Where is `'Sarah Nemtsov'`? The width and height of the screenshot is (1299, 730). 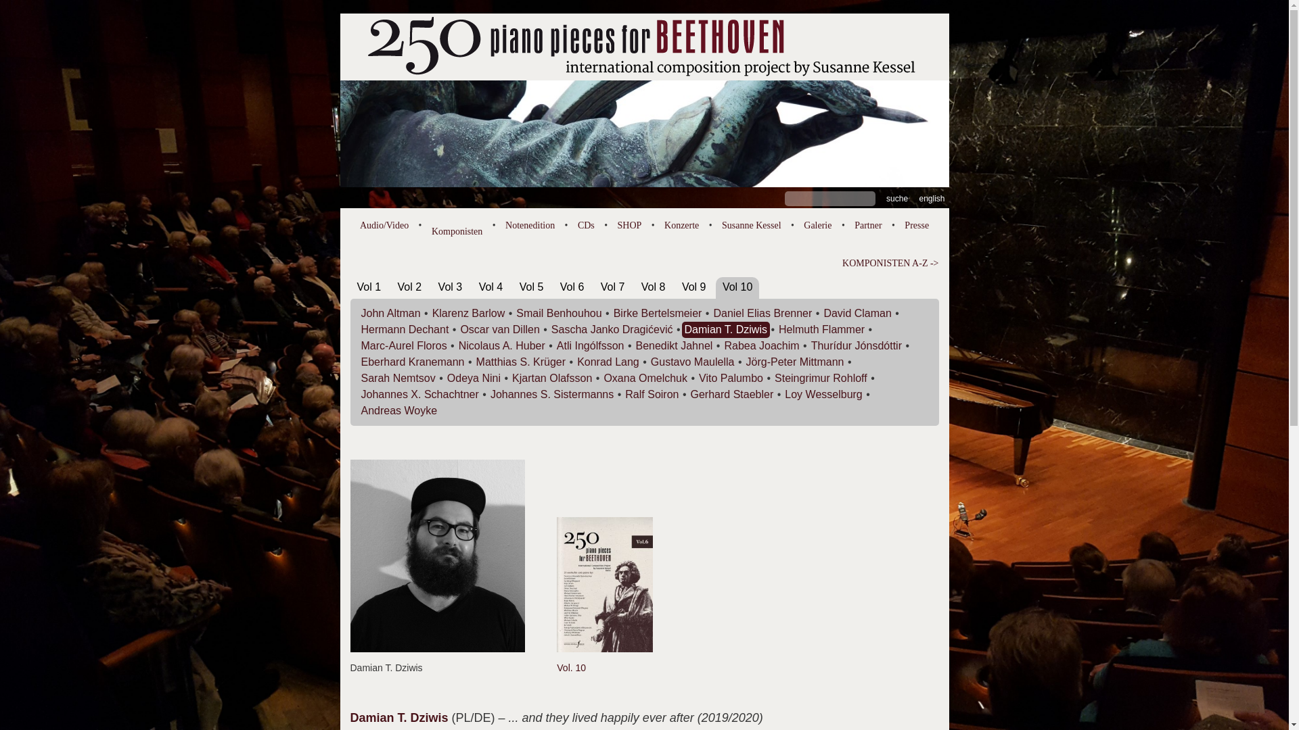
'Sarah Nemtsov' is located at coordinates (398, 378).